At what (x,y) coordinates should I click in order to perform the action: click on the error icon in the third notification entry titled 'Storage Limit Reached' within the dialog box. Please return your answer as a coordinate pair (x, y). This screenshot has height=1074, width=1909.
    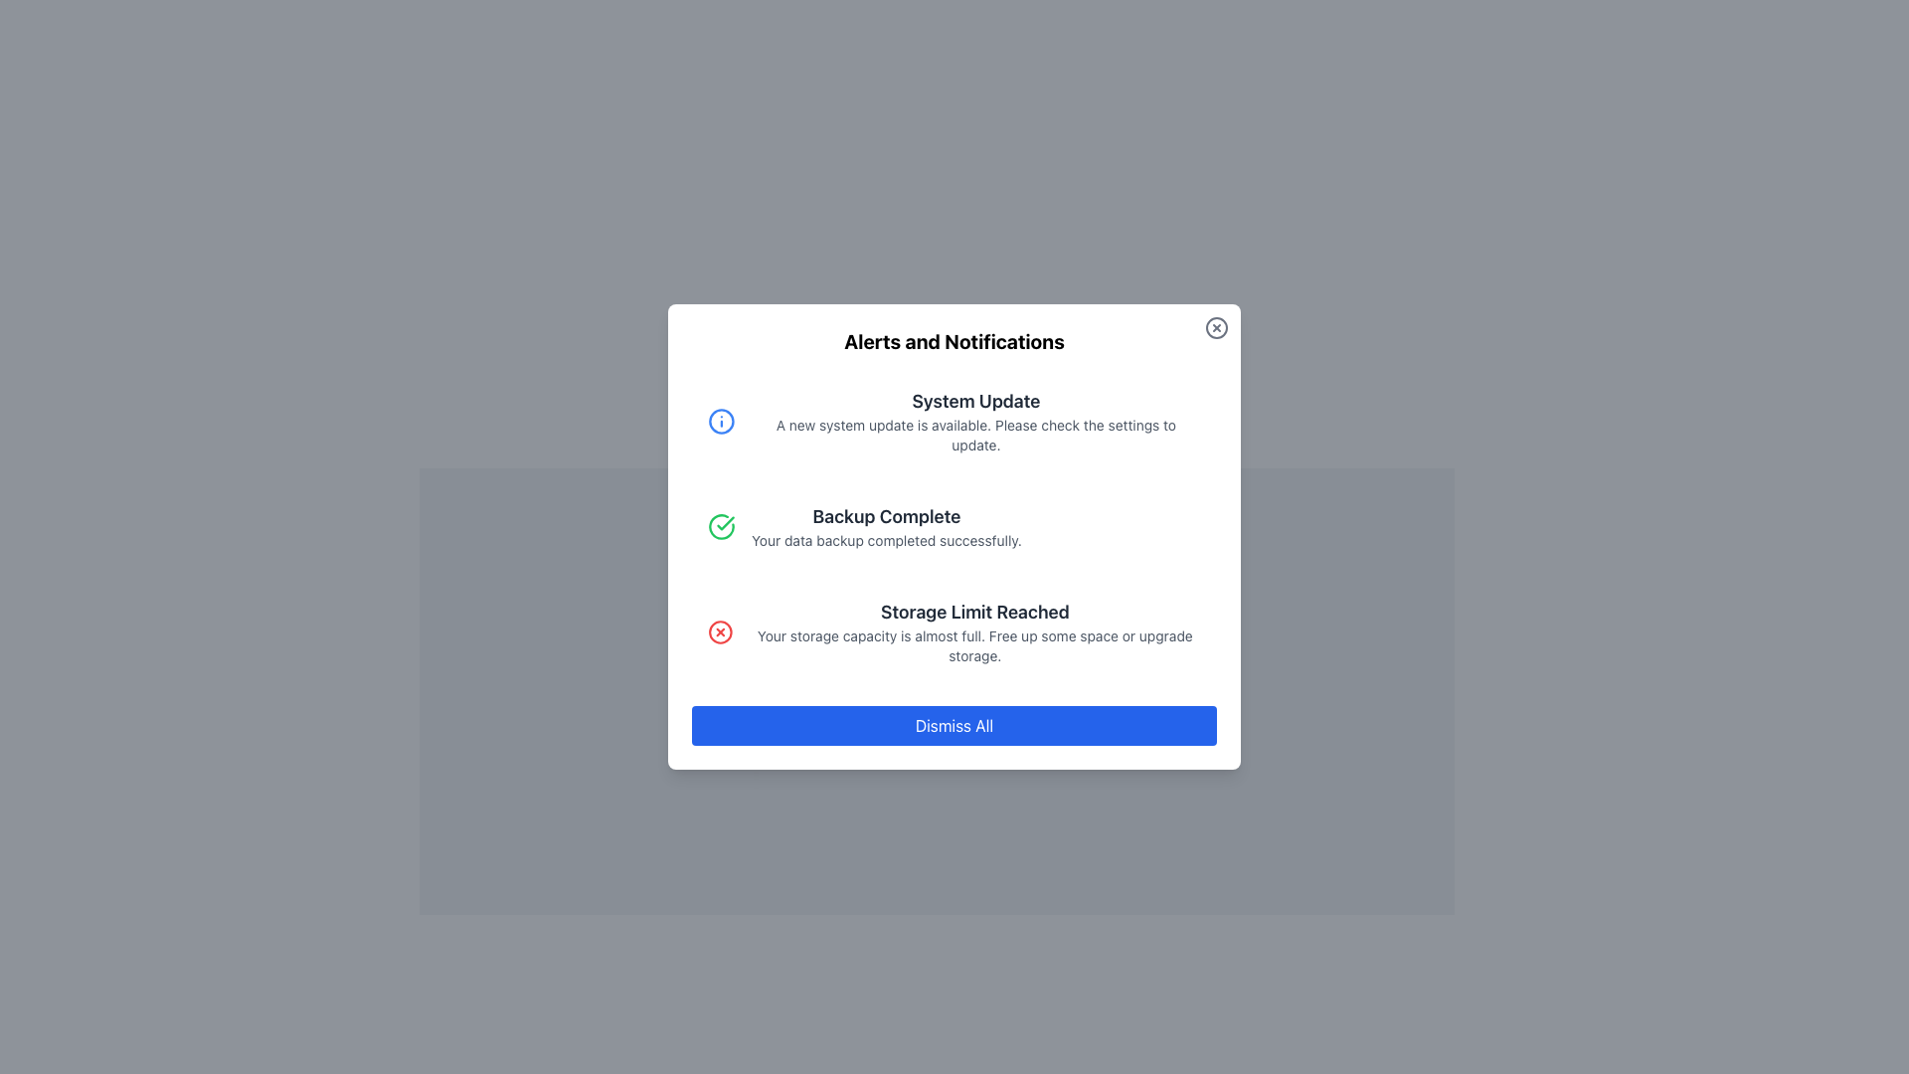
    Looking at the image, I should click on (719, 632).